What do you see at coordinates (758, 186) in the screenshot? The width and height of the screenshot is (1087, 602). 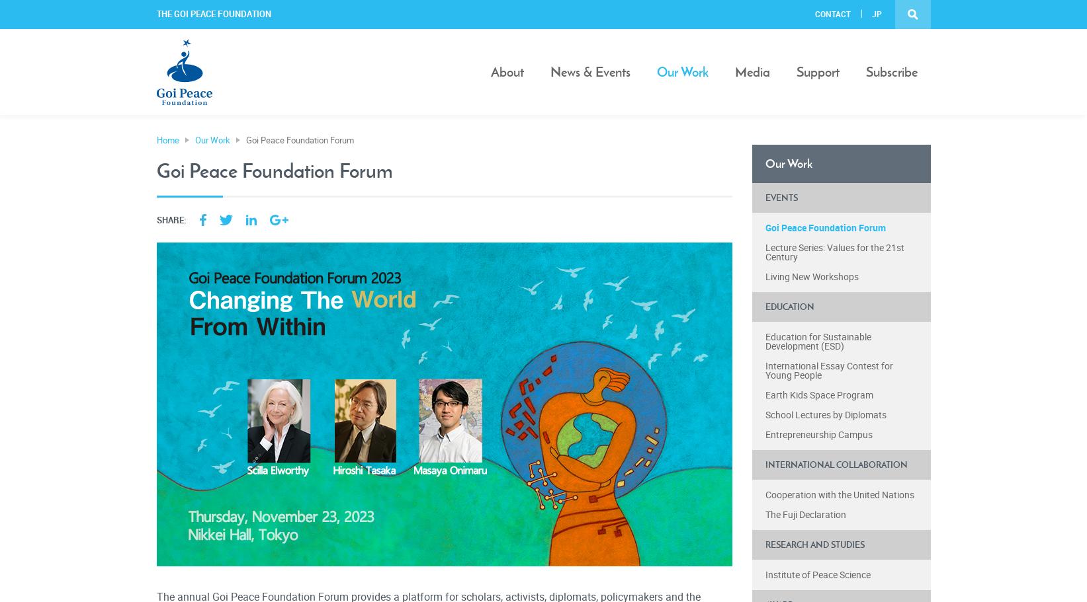 I see `'Downloads'` at bounding box center [758, 186].